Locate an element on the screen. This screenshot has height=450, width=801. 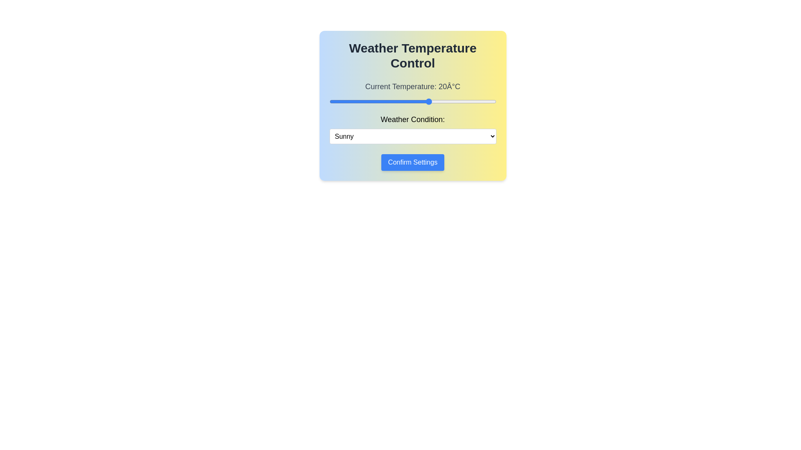
'Confirm Settings' button to apply the changes is located at coordinates (413, 162).